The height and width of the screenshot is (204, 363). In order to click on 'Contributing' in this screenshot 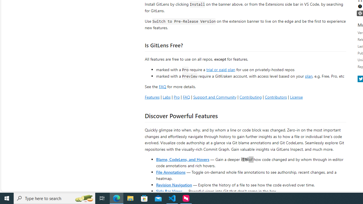, I will do `click(250, 97)`.